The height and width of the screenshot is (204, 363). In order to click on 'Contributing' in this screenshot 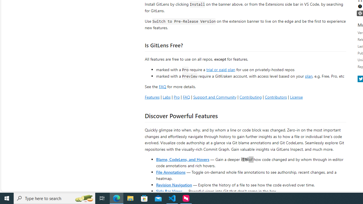, I will do `click(250, 97)`.